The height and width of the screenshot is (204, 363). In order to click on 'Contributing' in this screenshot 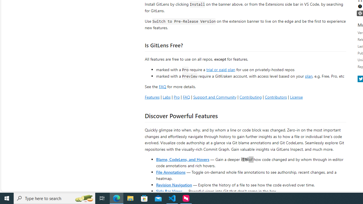, I will do `click(250, 97)`.